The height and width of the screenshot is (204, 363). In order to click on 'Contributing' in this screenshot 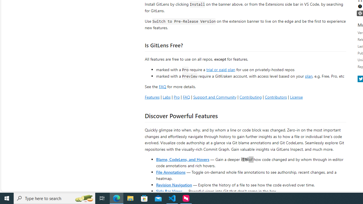, I will do `click(250, 97)`.